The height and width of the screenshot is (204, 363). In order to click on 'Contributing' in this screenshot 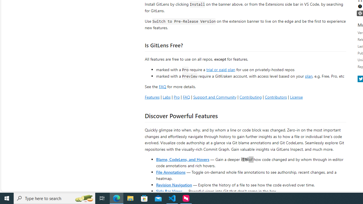, I will do `click(250, 97)`.